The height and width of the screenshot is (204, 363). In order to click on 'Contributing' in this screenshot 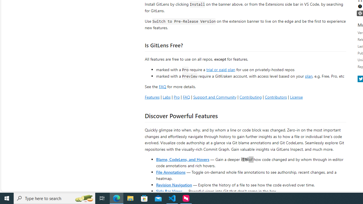, I will do `click(250, 97)`.